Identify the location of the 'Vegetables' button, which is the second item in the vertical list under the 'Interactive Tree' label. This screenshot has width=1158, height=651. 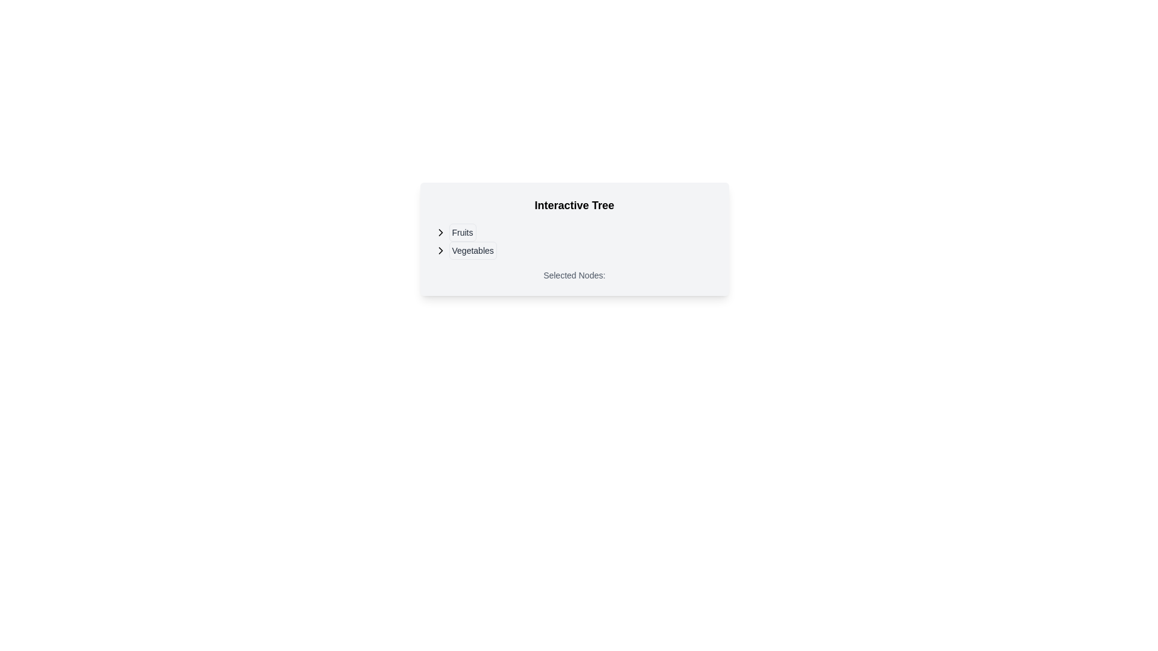
(472, 250).